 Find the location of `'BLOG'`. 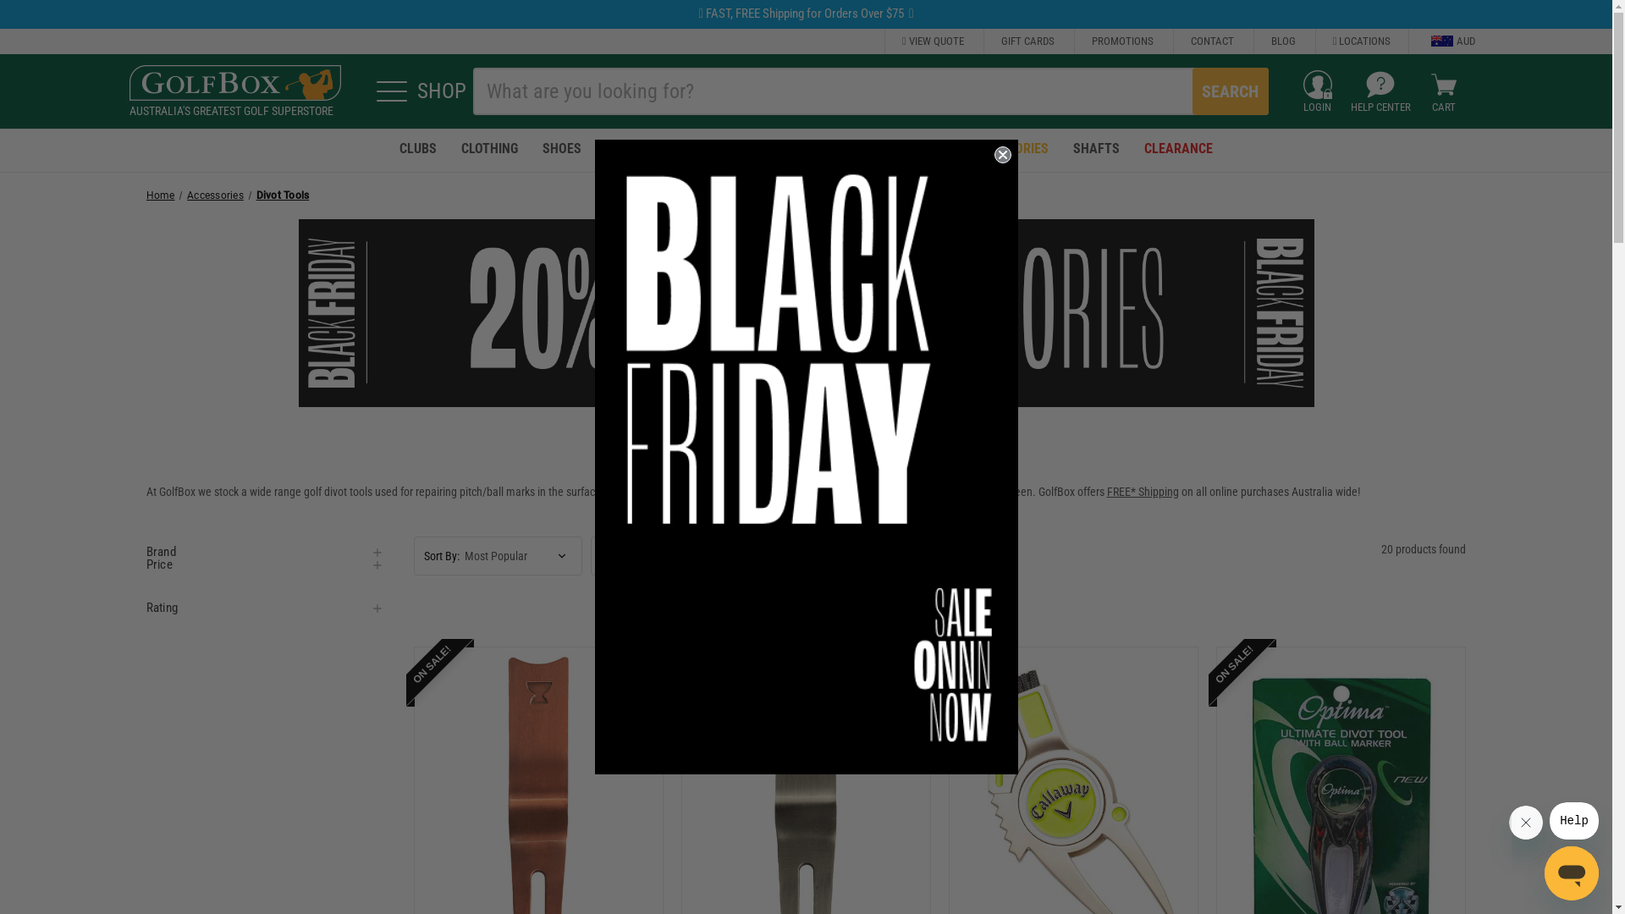

'BLOG' is located at coordinates (1283, 41).